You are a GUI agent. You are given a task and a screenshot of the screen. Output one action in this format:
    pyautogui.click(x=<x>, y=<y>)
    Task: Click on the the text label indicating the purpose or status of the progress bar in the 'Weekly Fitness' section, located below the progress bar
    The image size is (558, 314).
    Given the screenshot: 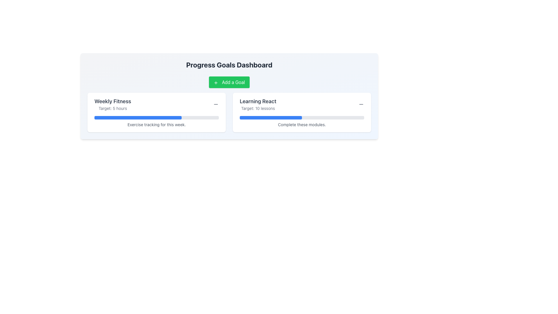 What is the action you would take?
    pyautogui.click(x=156, y=122)
    